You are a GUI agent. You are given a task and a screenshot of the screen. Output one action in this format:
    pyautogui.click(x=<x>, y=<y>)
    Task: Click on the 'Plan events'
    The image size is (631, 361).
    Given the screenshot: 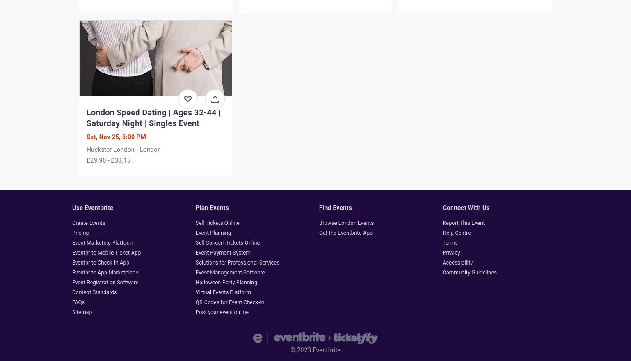 What is the action you would take?
    pyautogui.click(x=211, y=207)
    